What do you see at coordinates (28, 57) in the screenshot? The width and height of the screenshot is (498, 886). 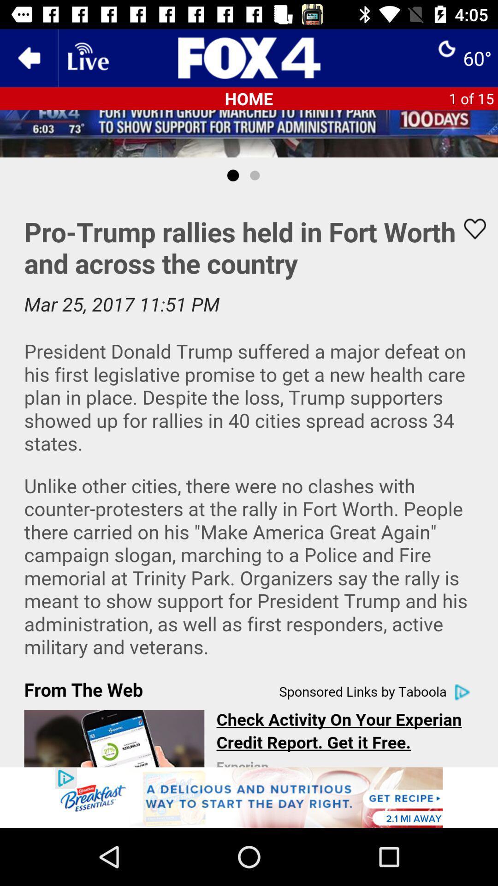 I see `the arrow_backward icon` at bounding box center [28, 57].